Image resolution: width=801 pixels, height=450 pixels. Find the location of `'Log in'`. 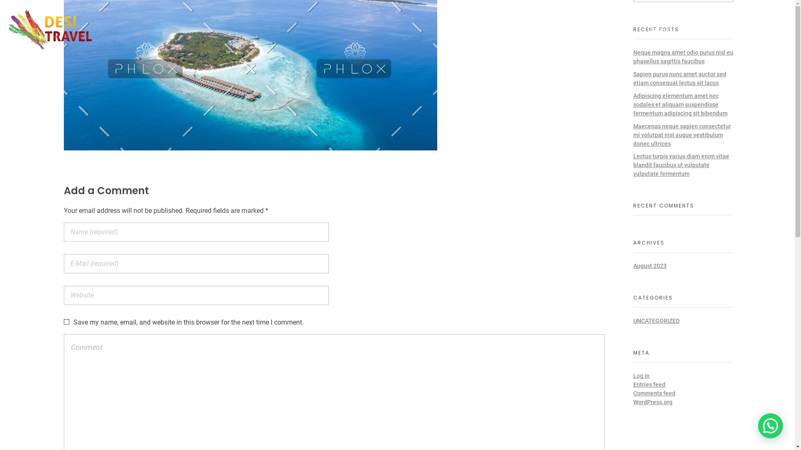

'Log in' is located at coordinates (633, 376).